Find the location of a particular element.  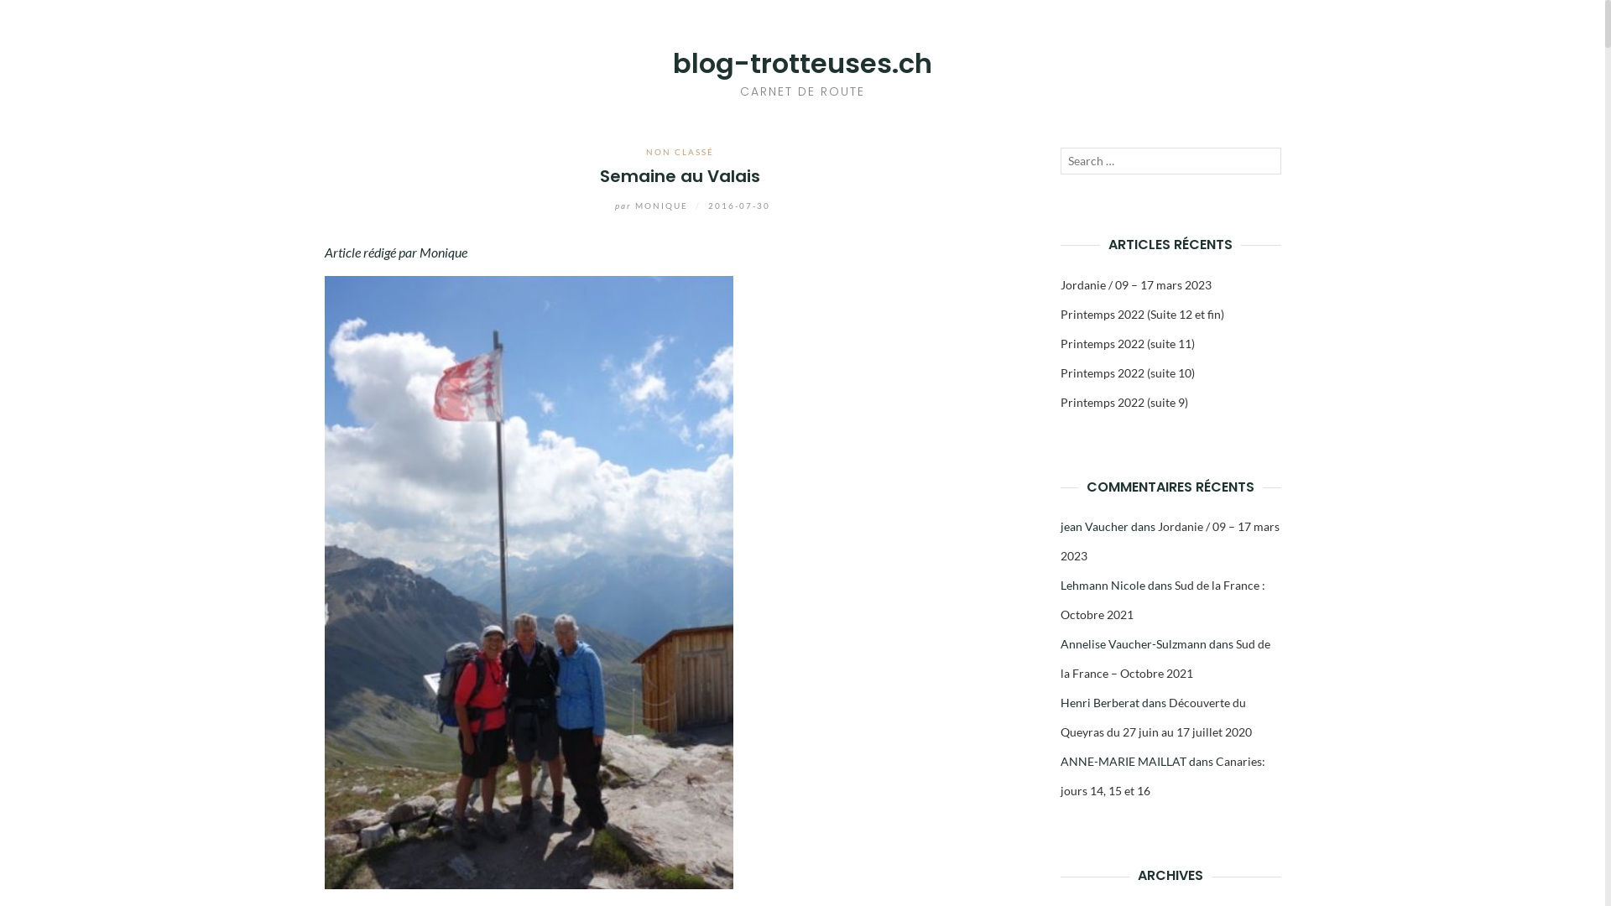

'blog-trotteuses.ch' is located at coordinates (801, 62).